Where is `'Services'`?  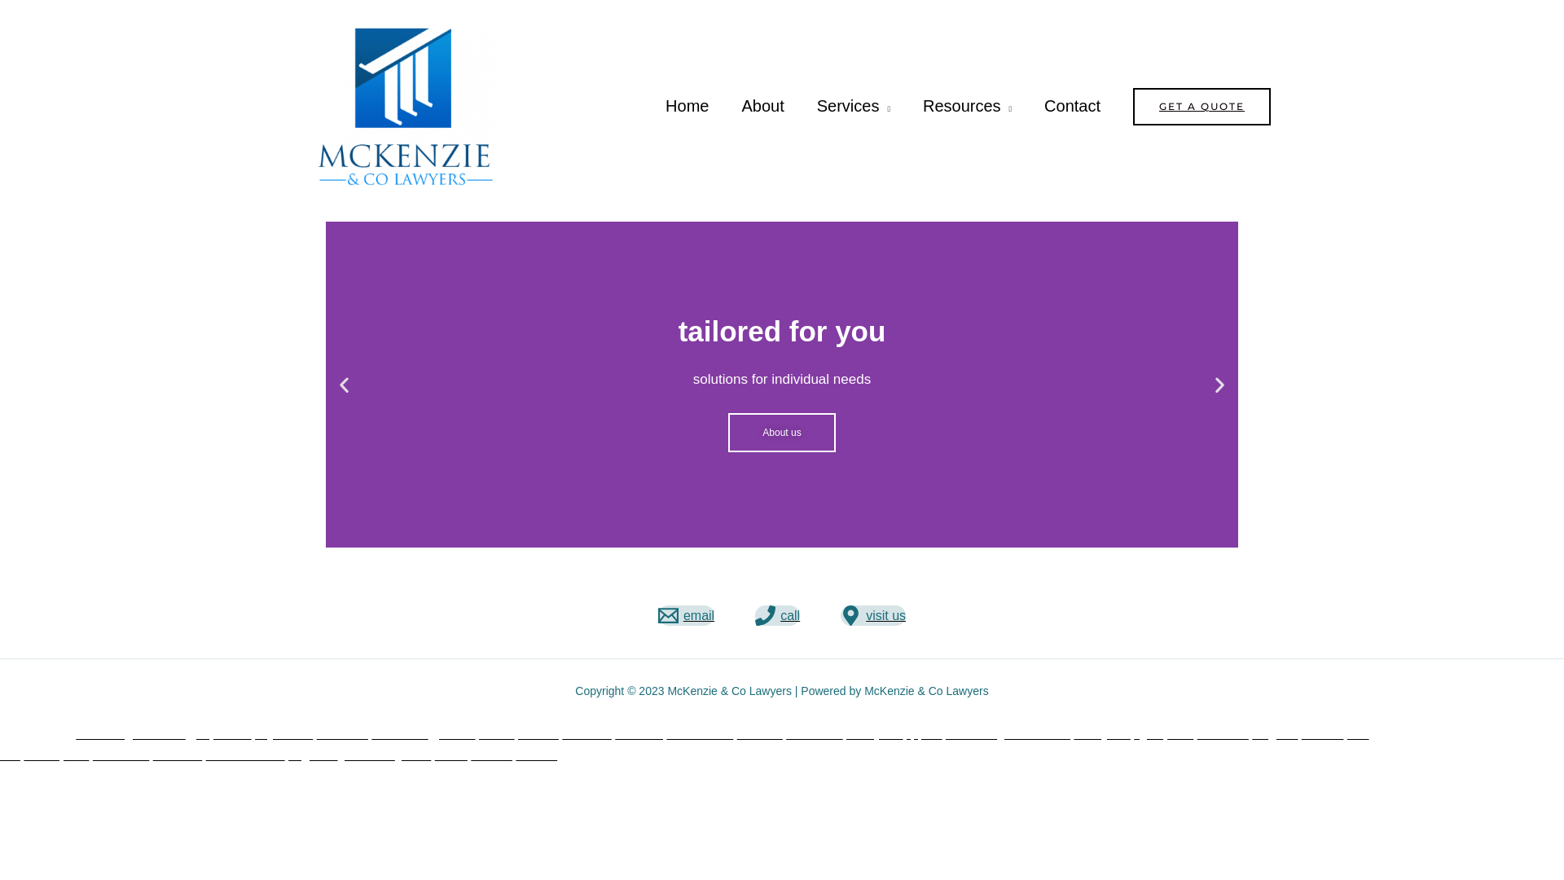
'Services' is located at coordinates (852, 106).